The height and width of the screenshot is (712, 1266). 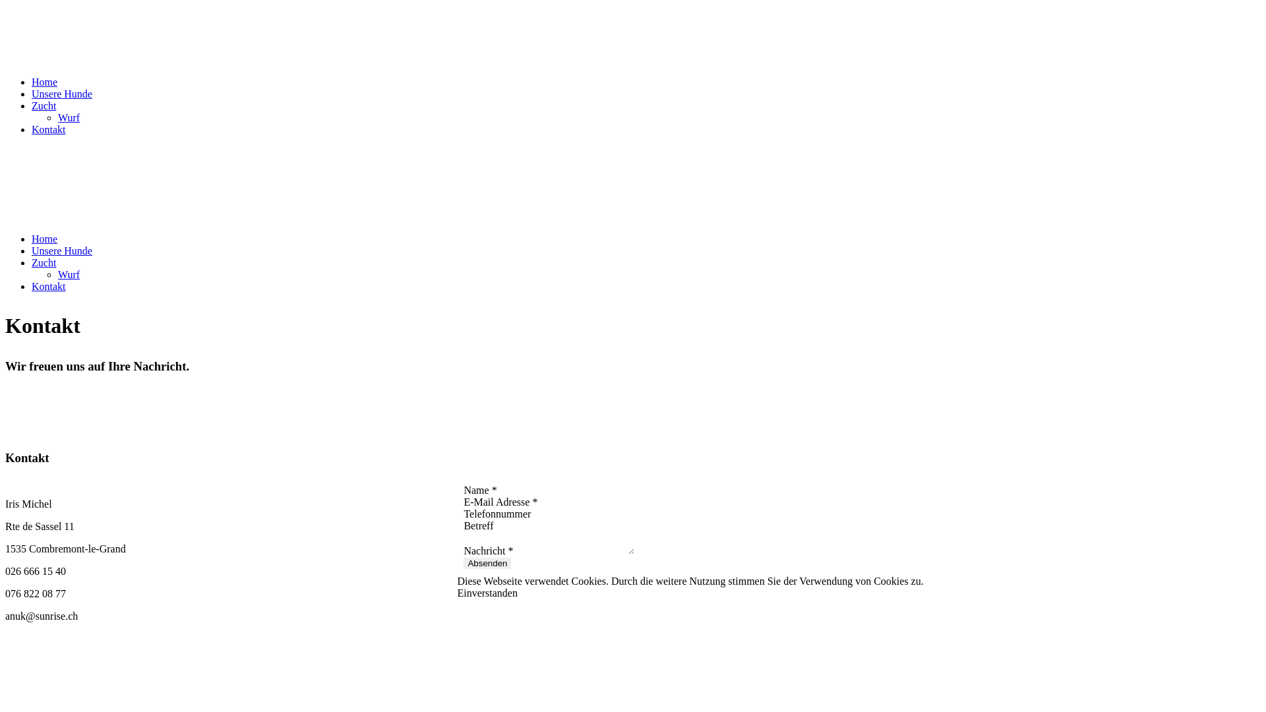 What do you see at coordinates (48, 129) in the screenshot?
I see `'Kontakt'` at bounding box center [48, 129].